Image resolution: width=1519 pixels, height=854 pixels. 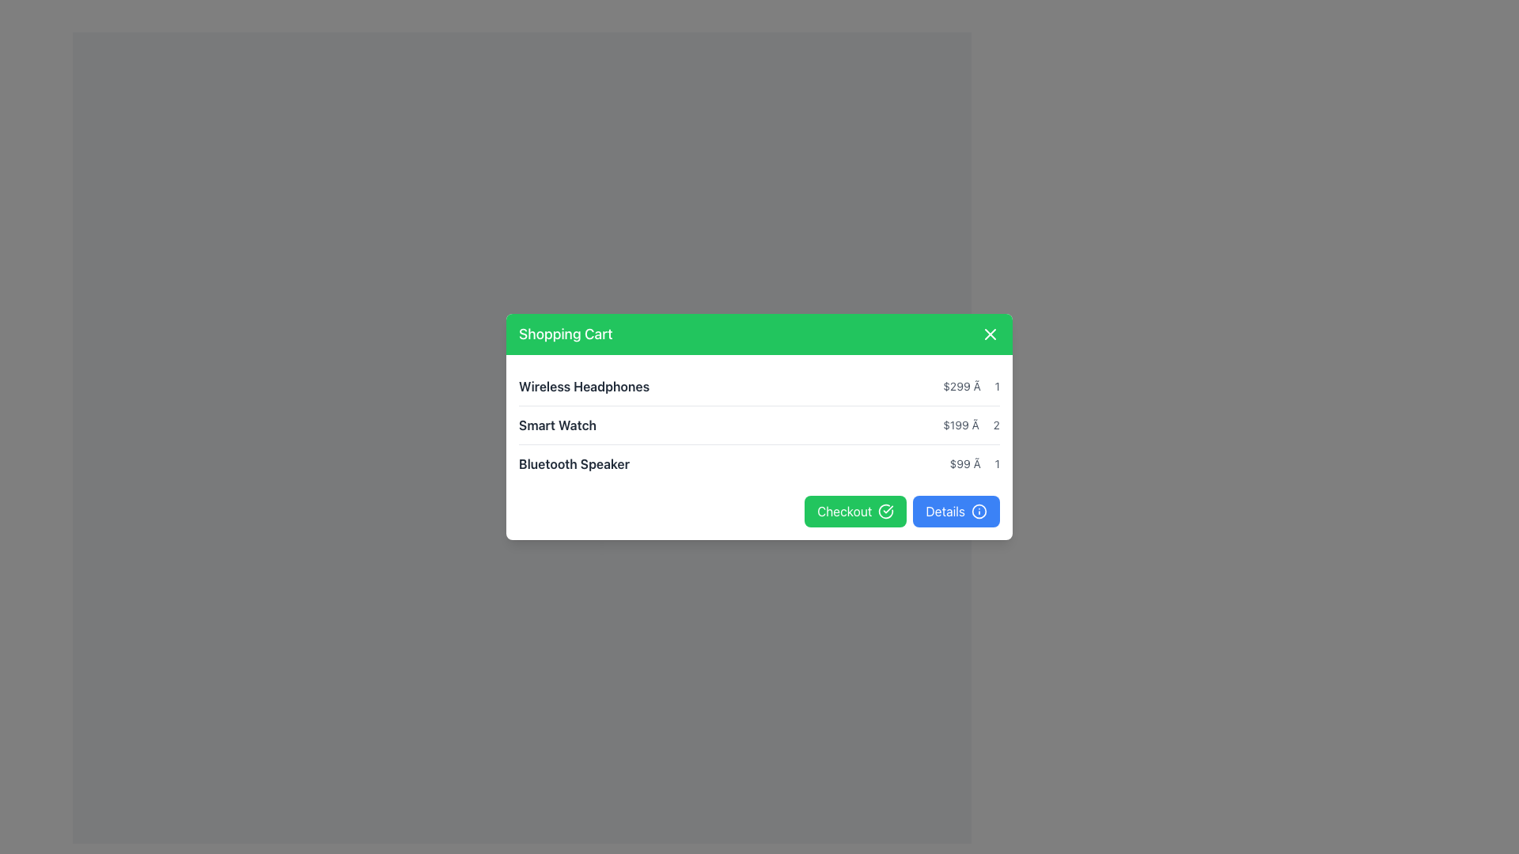 I want to click on the Text Label that displays the price per unit and quantity of the item in the shopping cart, located to the far right of 'Smart Watch', below 'Wireless Headphones', and above 'Bluetooth Speaker', so click(x=971, y=424).